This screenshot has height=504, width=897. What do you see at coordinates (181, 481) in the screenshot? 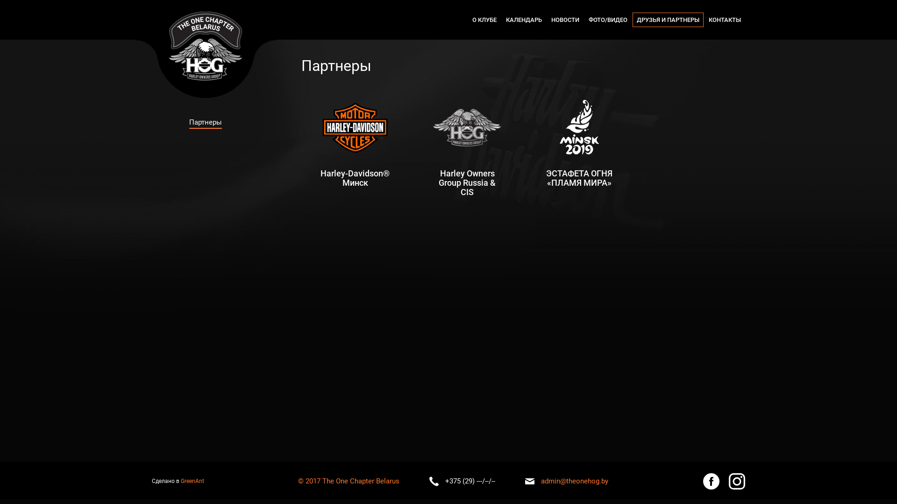
I see `'GreenAnt'` at bounding box center [181, 481].